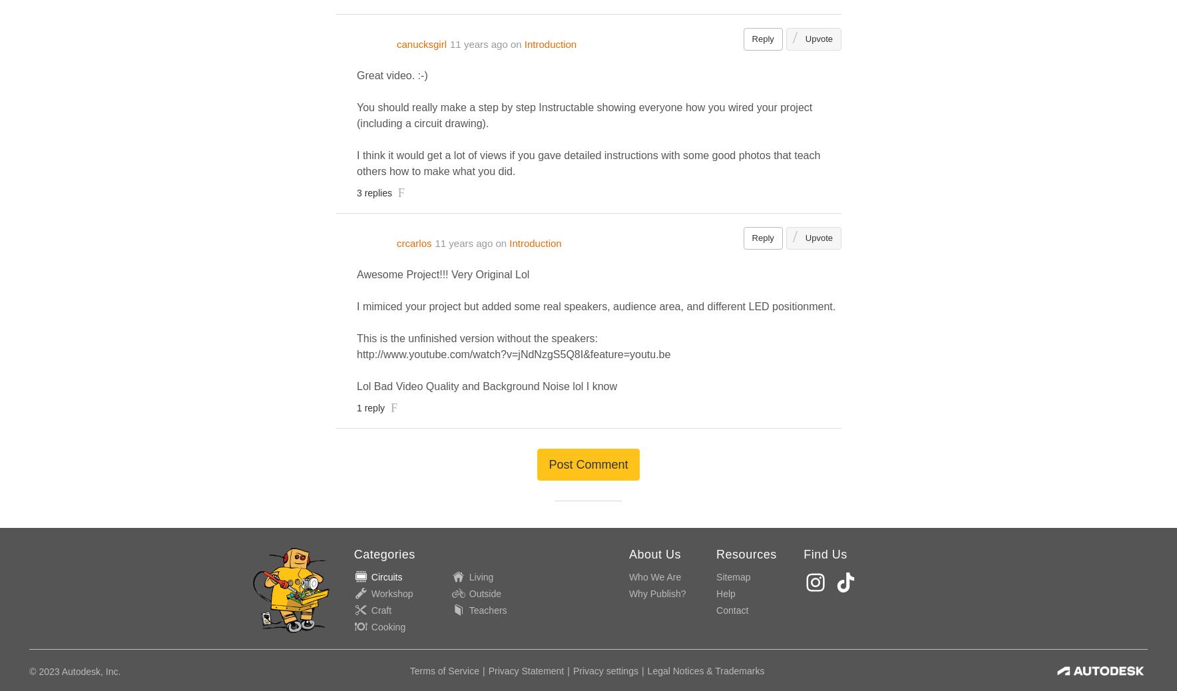 The height and width of the screenshot is (691, 1177). What do you see at coordinates (29, 672) in the screenshot?
I see `'© 2023 Autodesk, Inc.'` at bounding box center [29, 672].